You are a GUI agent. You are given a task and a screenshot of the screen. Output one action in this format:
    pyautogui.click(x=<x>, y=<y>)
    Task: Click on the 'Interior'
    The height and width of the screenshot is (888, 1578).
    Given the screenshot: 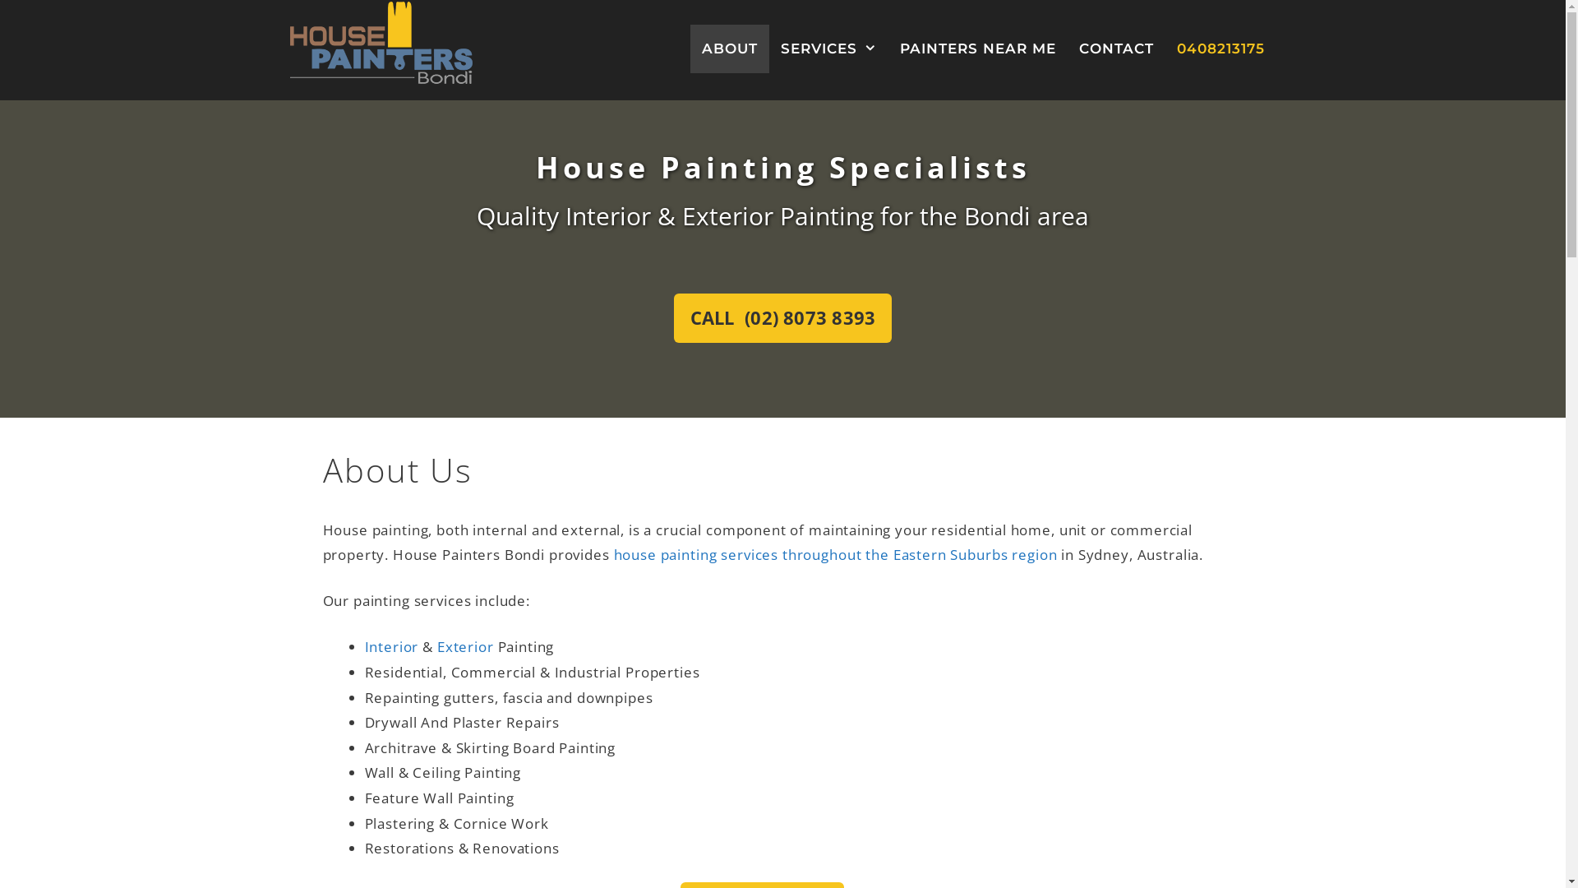 What is the action you would take?
    pyautogui.click(x=390, y=645)
    